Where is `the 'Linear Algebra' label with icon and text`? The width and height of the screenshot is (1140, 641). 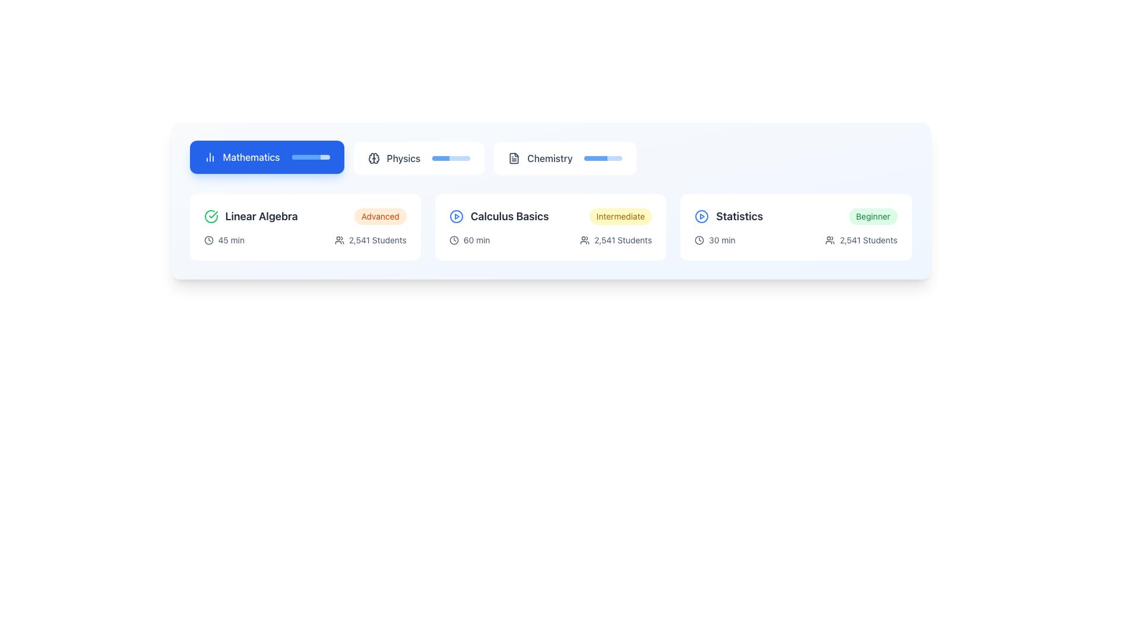
the 'Linear Algebra' label with icon and text is located at coordinates (250, 217).